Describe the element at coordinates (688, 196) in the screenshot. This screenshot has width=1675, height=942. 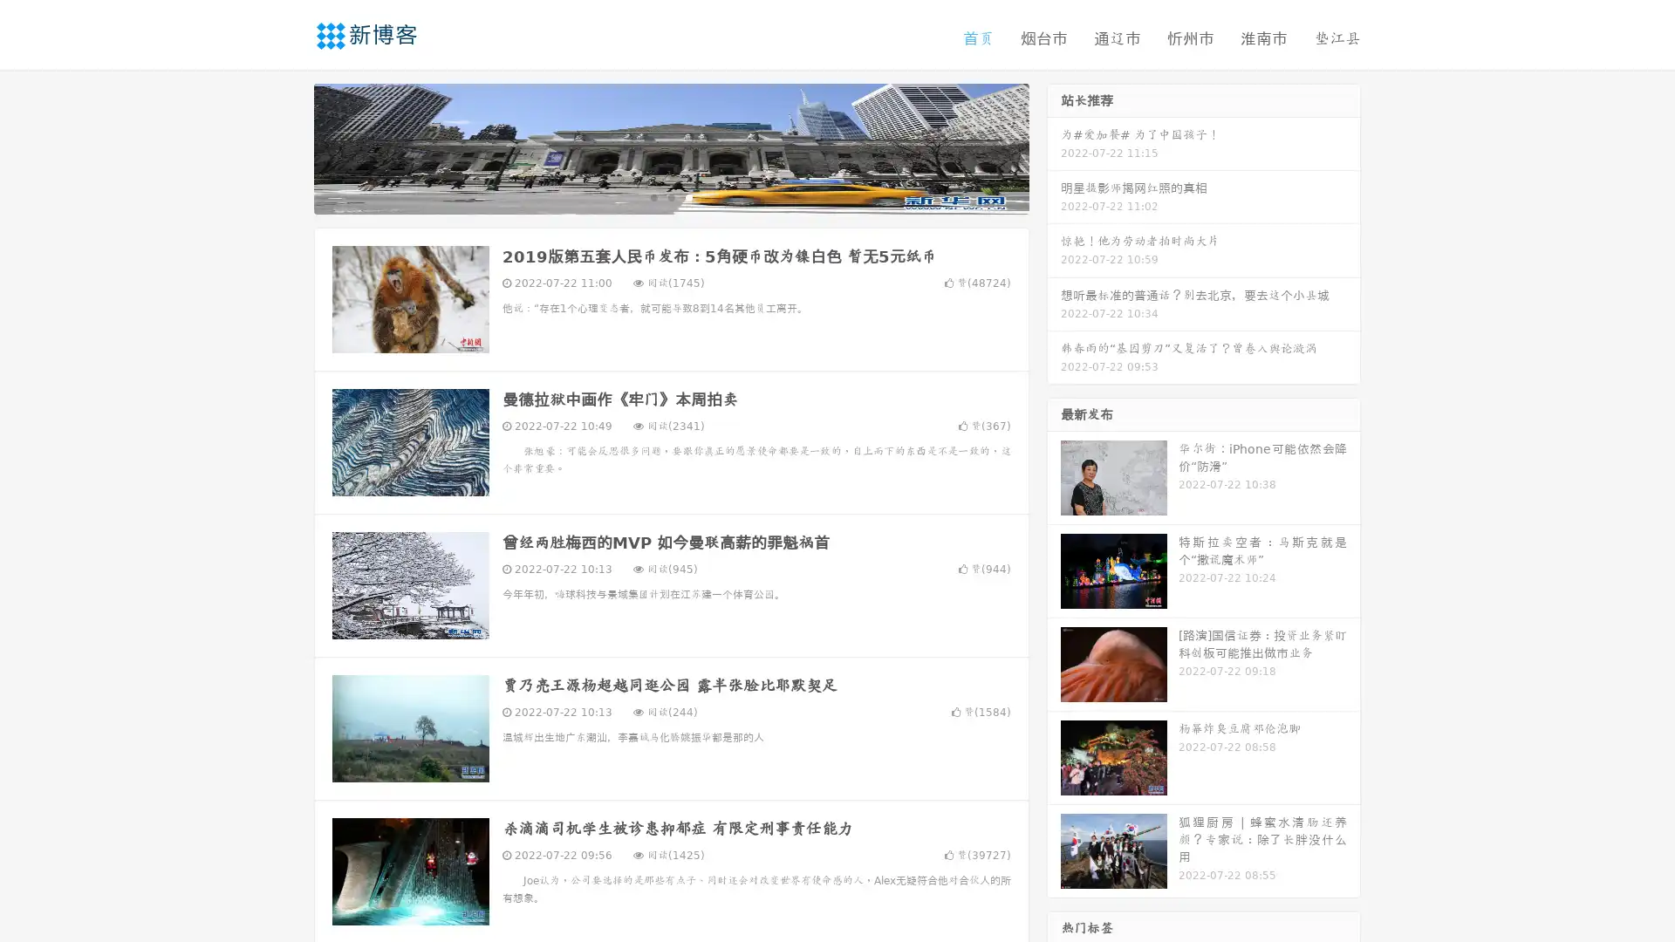
I see `Go to slide 3` at that location.